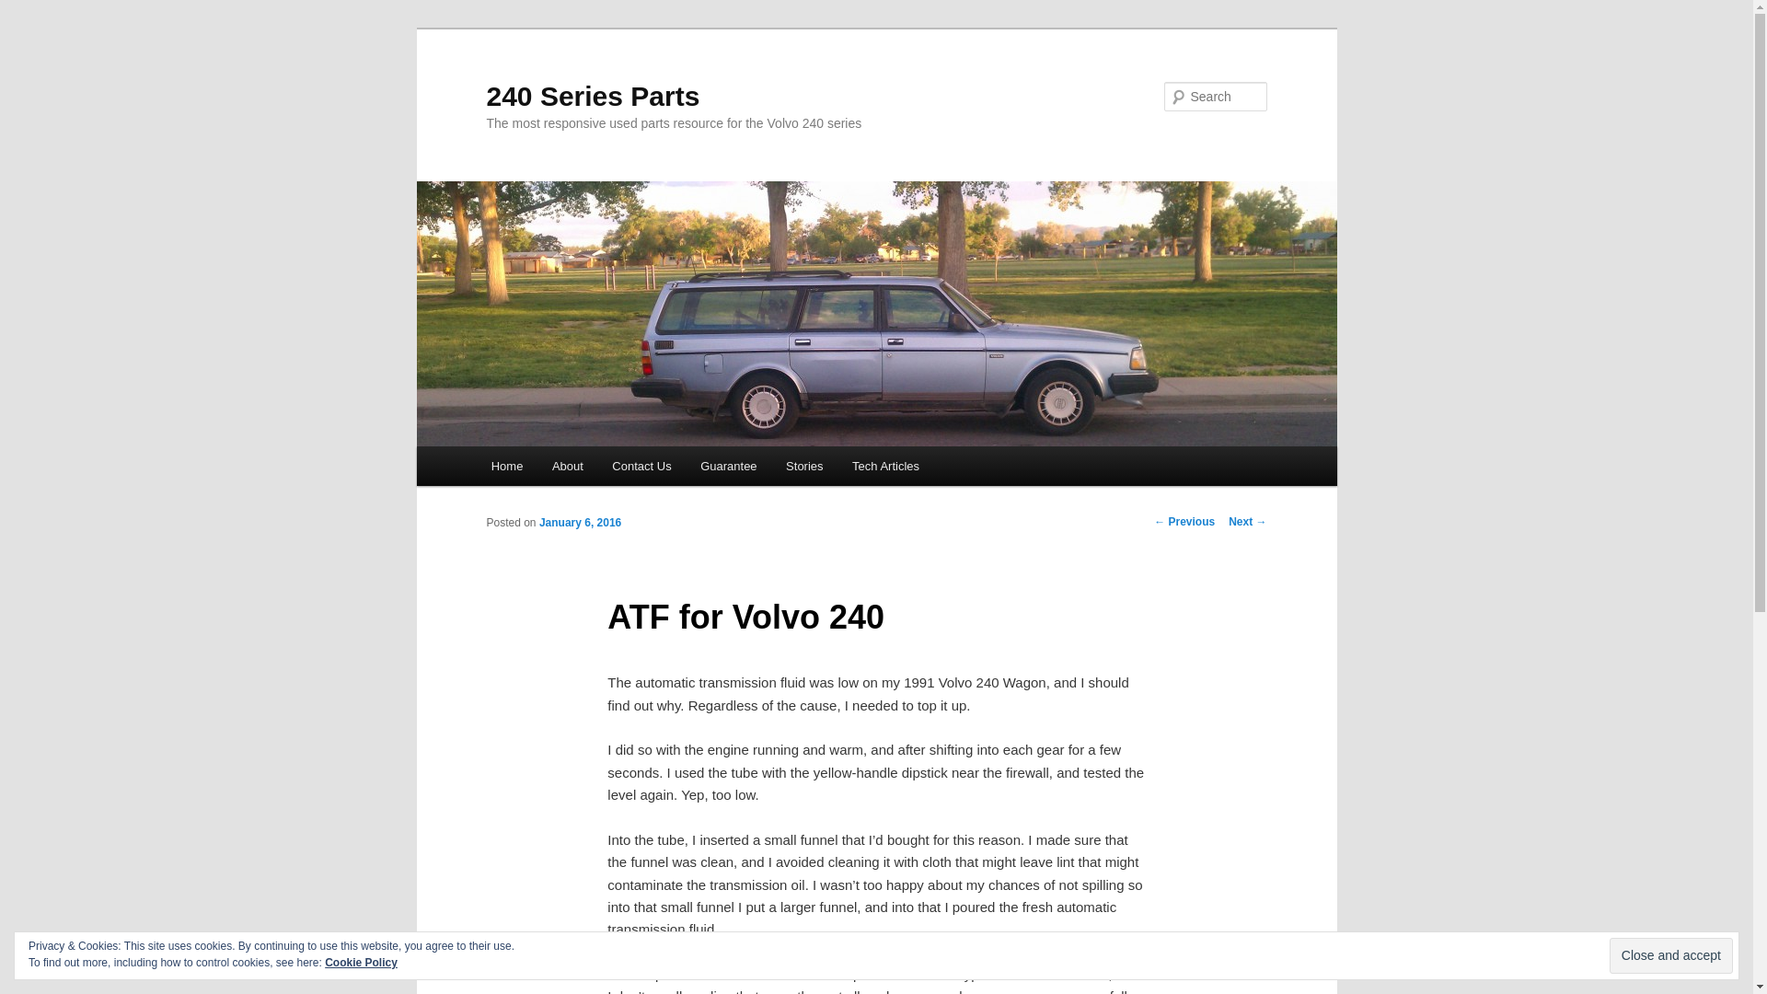  I want to click on 'Tech Articles', so click(884, 465).